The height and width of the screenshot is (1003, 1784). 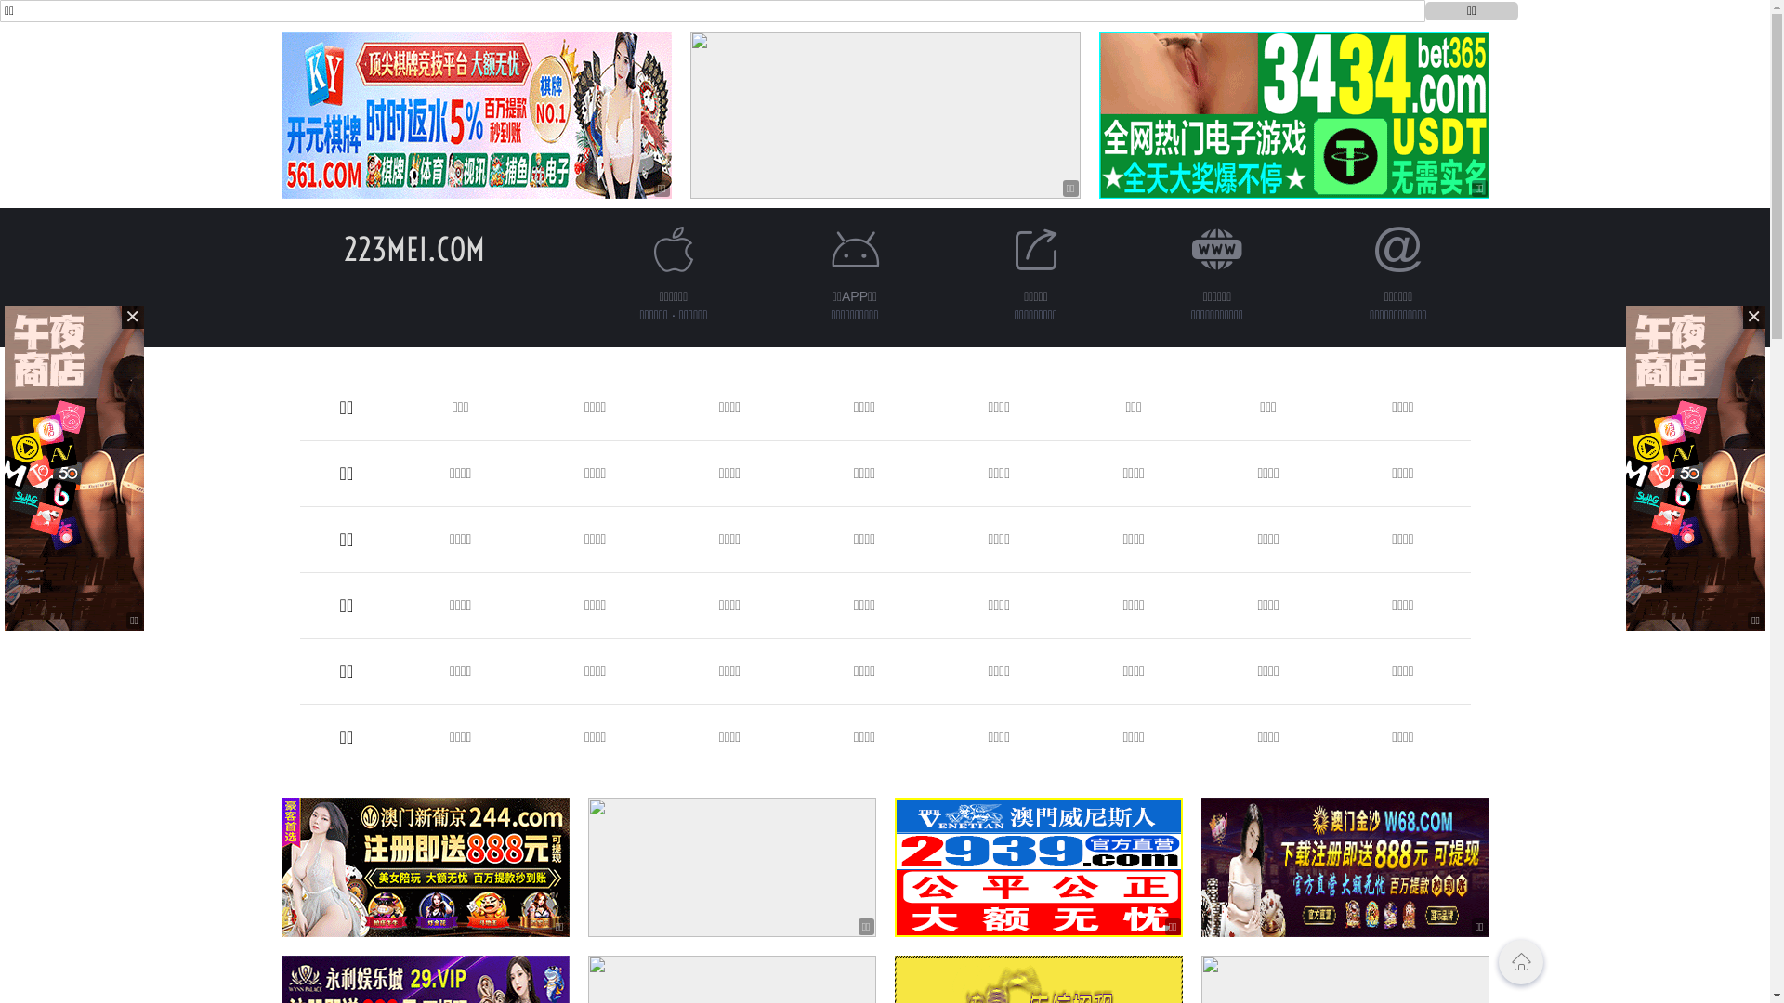 I want to click on '223MEI.COM', so click(x=413, y=248).